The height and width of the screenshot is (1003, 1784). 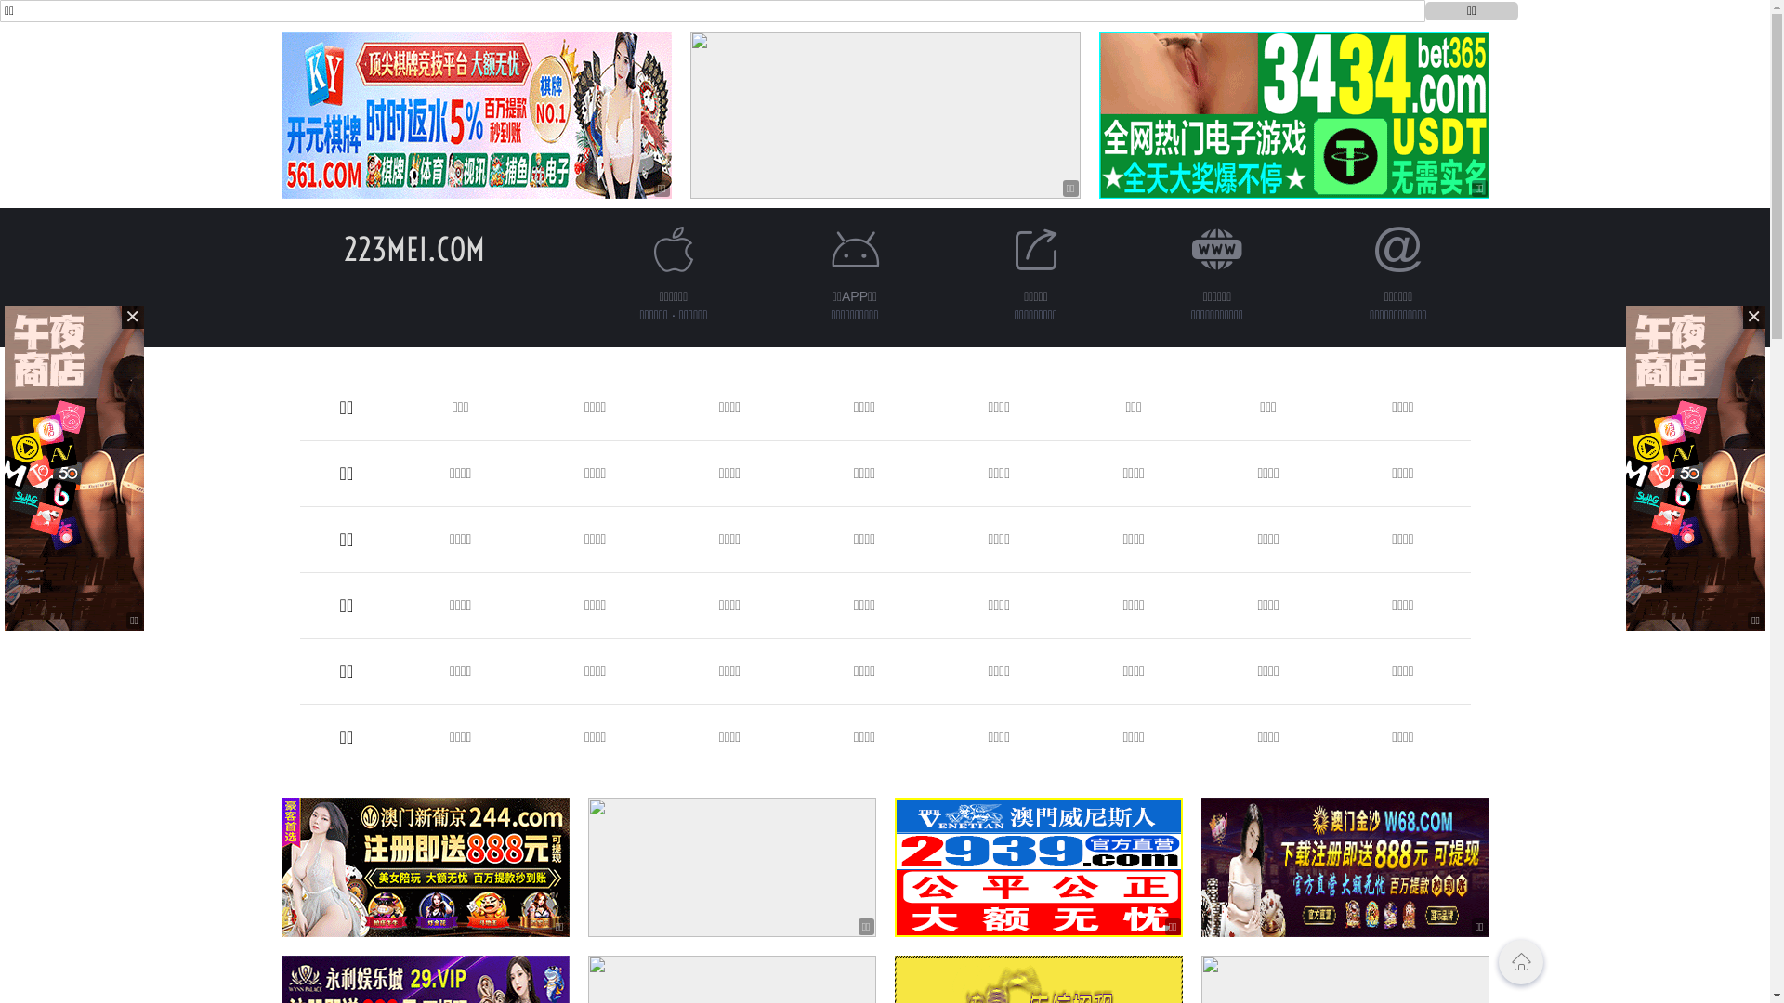 I want to click on '223MEI.COM', so click(x=413, y=248).